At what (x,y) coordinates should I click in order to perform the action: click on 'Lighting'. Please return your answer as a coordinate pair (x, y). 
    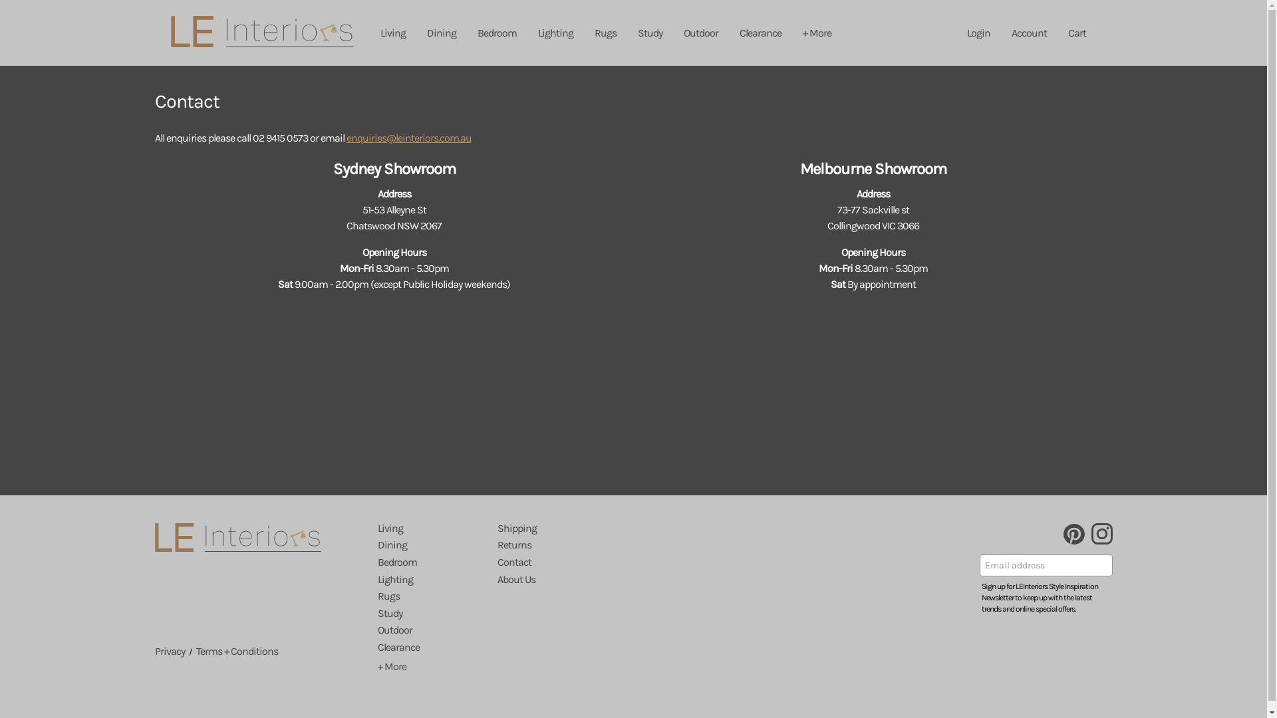
    Looking at the image, I should click on (376, 578).